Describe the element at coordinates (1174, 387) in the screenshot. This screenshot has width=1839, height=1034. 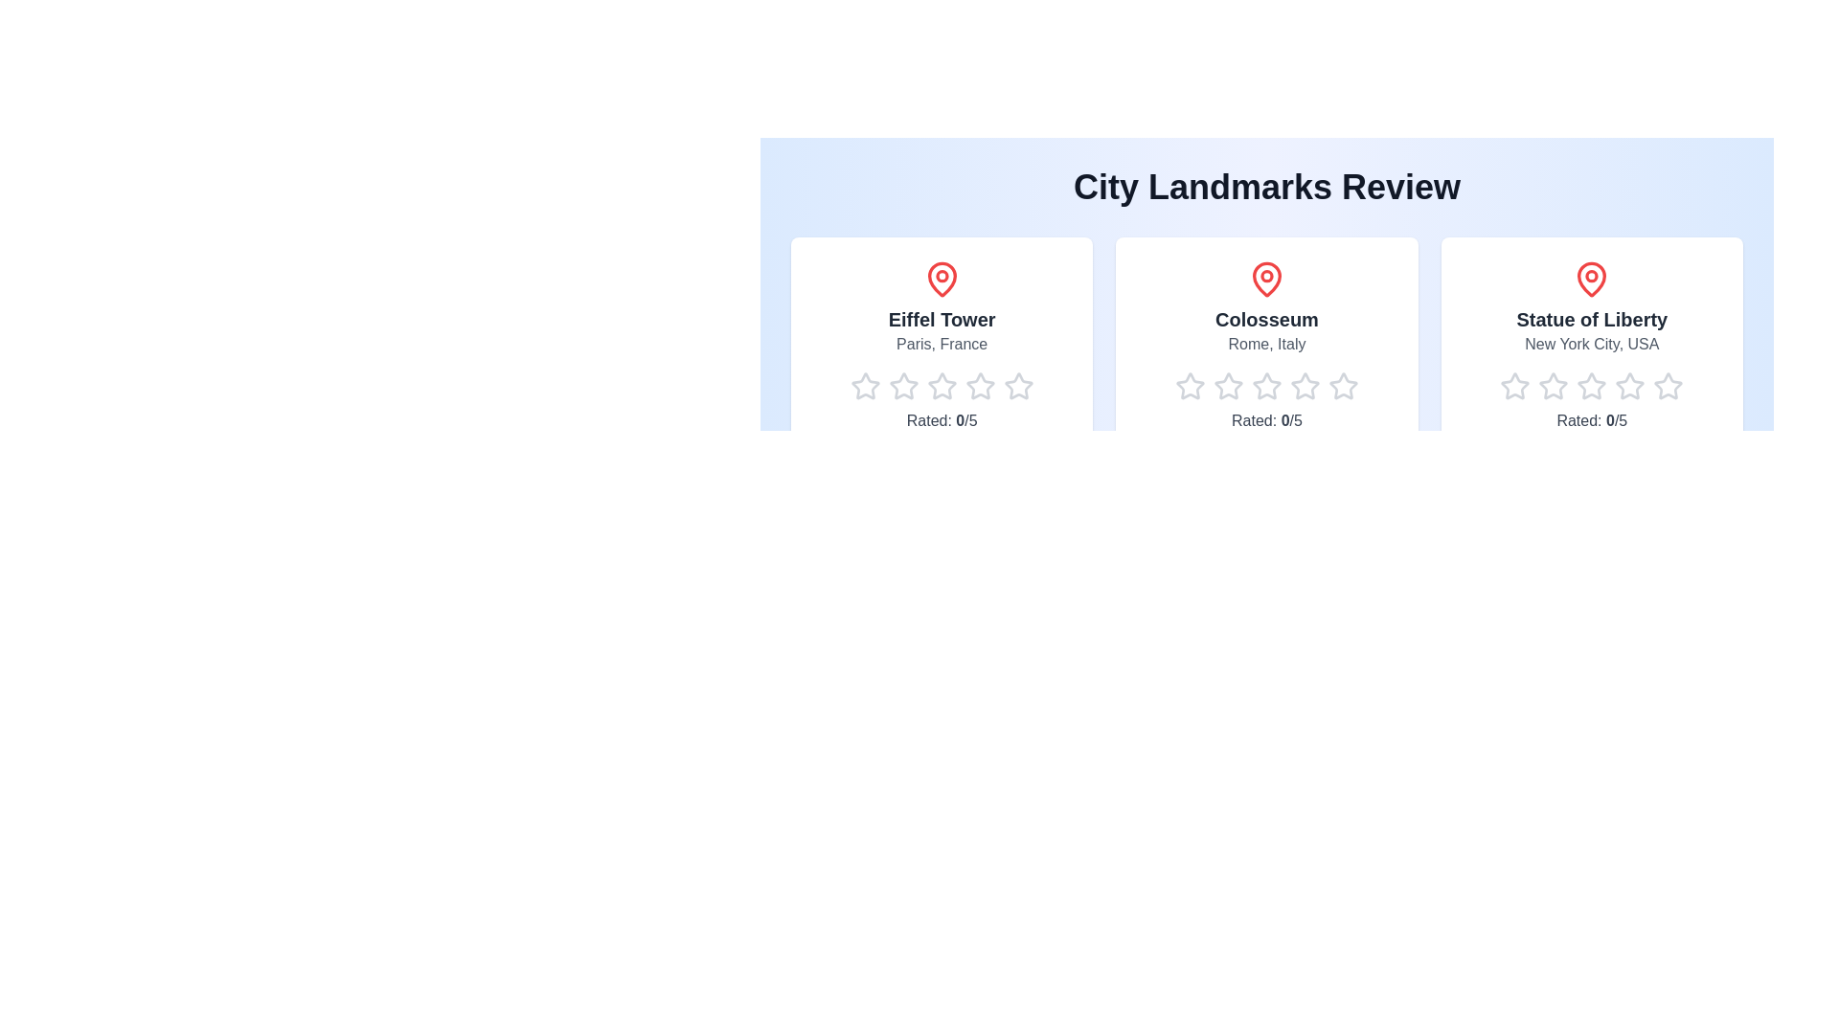
I see `the star corresponding to 1 for the landmark Colosseum` at that location.